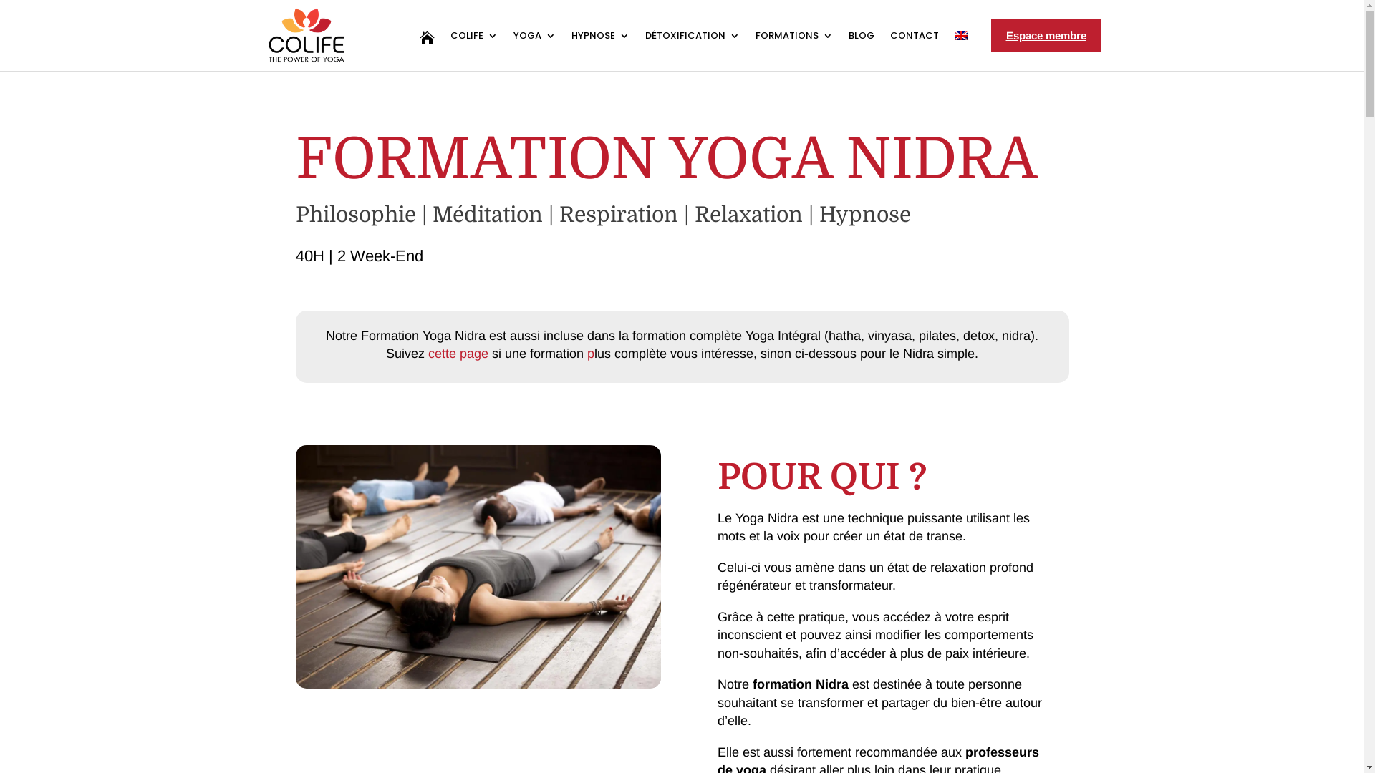  Describe the element at coordinates (478, 565) in the screenshot. I see `'Formation Yoga Nidra Geneve'` at that location.